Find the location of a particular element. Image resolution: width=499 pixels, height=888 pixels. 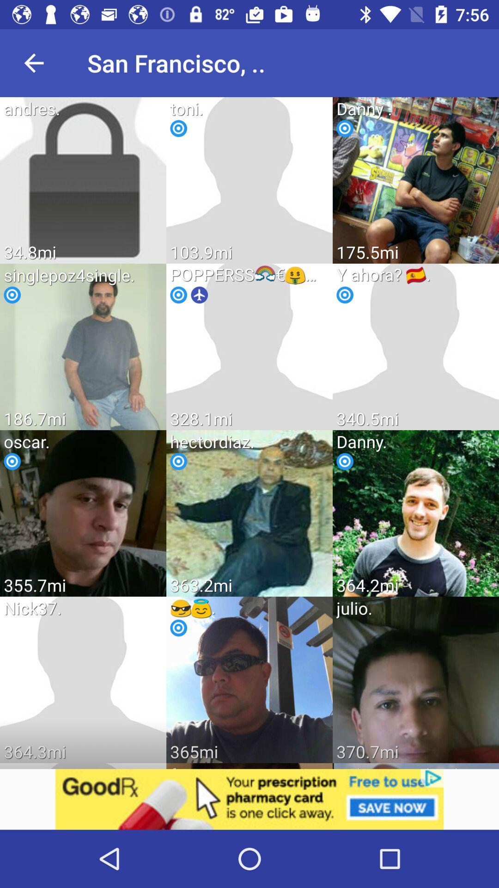

open advertisement is located at coordinates (249, 799).